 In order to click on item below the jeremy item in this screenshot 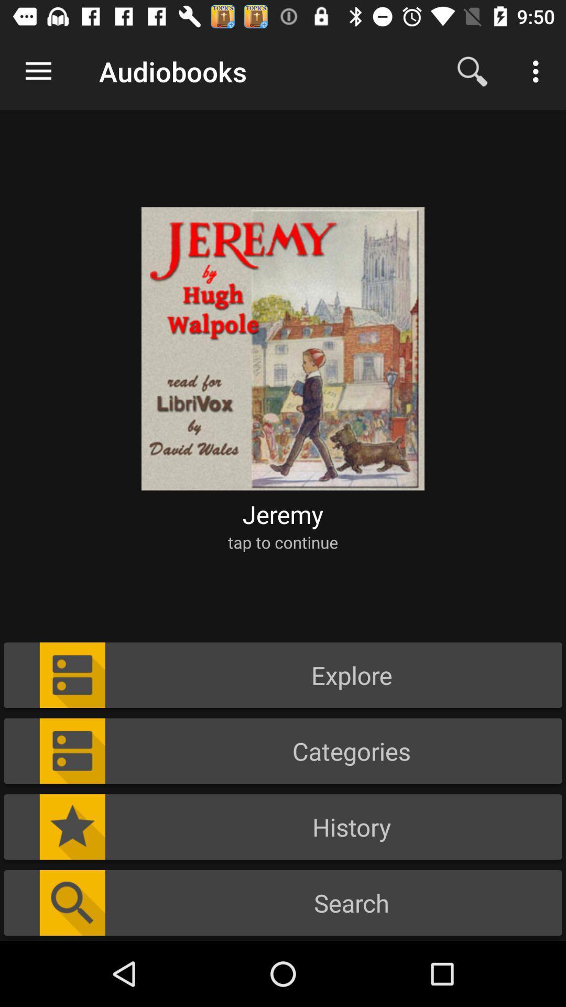, I will do `click(283, 542)`.